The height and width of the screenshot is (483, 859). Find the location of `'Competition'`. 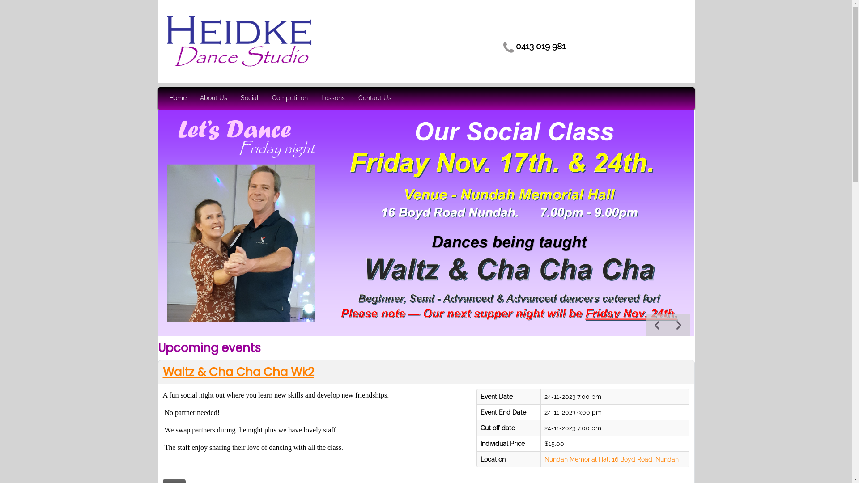

'Competition' is located at coordinates (290, 98).